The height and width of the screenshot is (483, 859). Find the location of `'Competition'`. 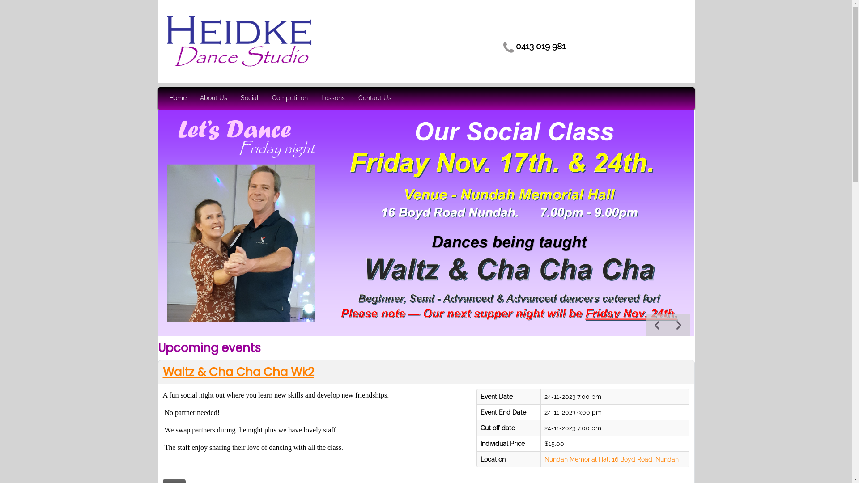

'Competition' is located at coordinates (290, 98).